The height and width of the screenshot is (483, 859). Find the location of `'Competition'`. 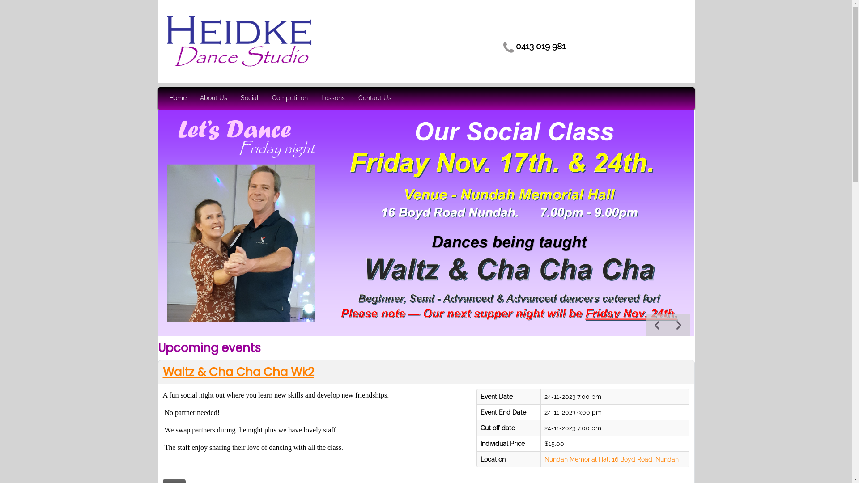

'Competition' is located at coordinates (290, 98).